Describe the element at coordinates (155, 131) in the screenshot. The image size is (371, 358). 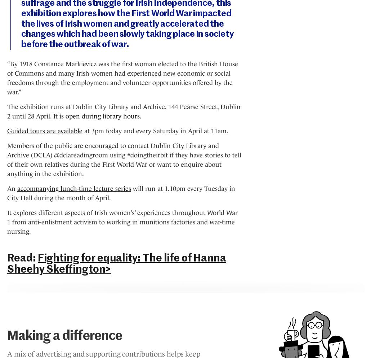
I see `'at 3pm today and every Saturday in April at 11am.'` at that location.